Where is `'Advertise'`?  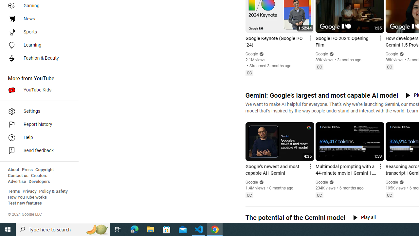
'Advertise' is located at coordinates (17, 182).